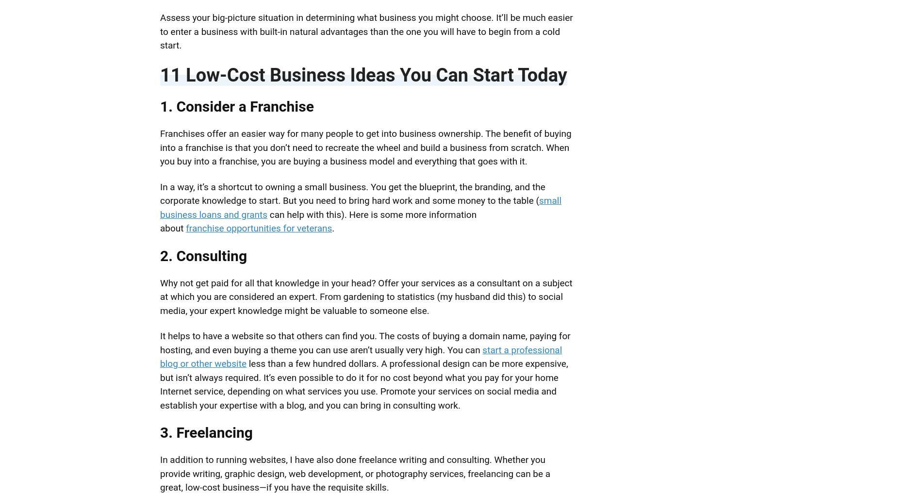 The width and height of the screenshot is (922, 494). Describe the element at coordinates (363, 384) in the screenshot. I see `'less than a few hundred dollars. A professional design can be more expensive, but isn’t always required. It’s even possible to do it for no cost beyond what you pay for your home Internet service, depending on what services you use. Promote your services on social media and establish your expertise with a blog, and you can bring in consulting work.'` at that location.